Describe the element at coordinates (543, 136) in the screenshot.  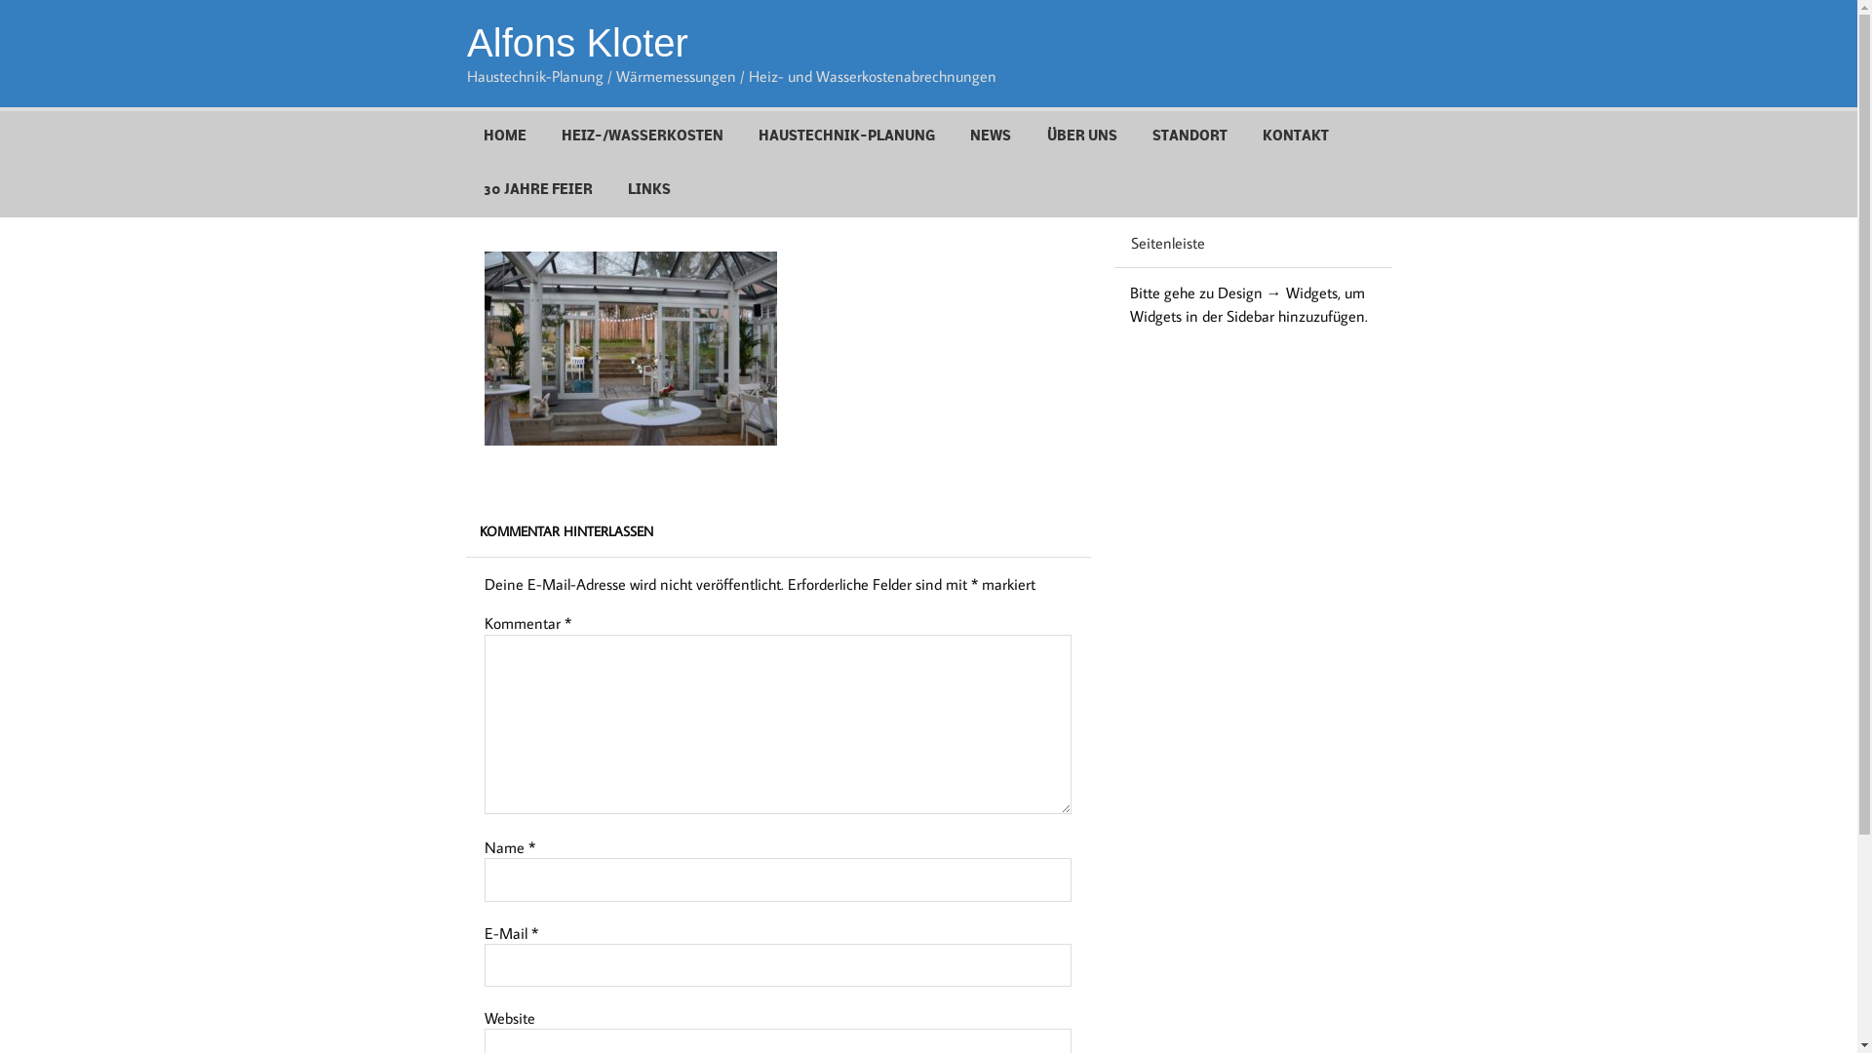
I see `'HEIZ-/WASSERKOSTEN'` at that location.